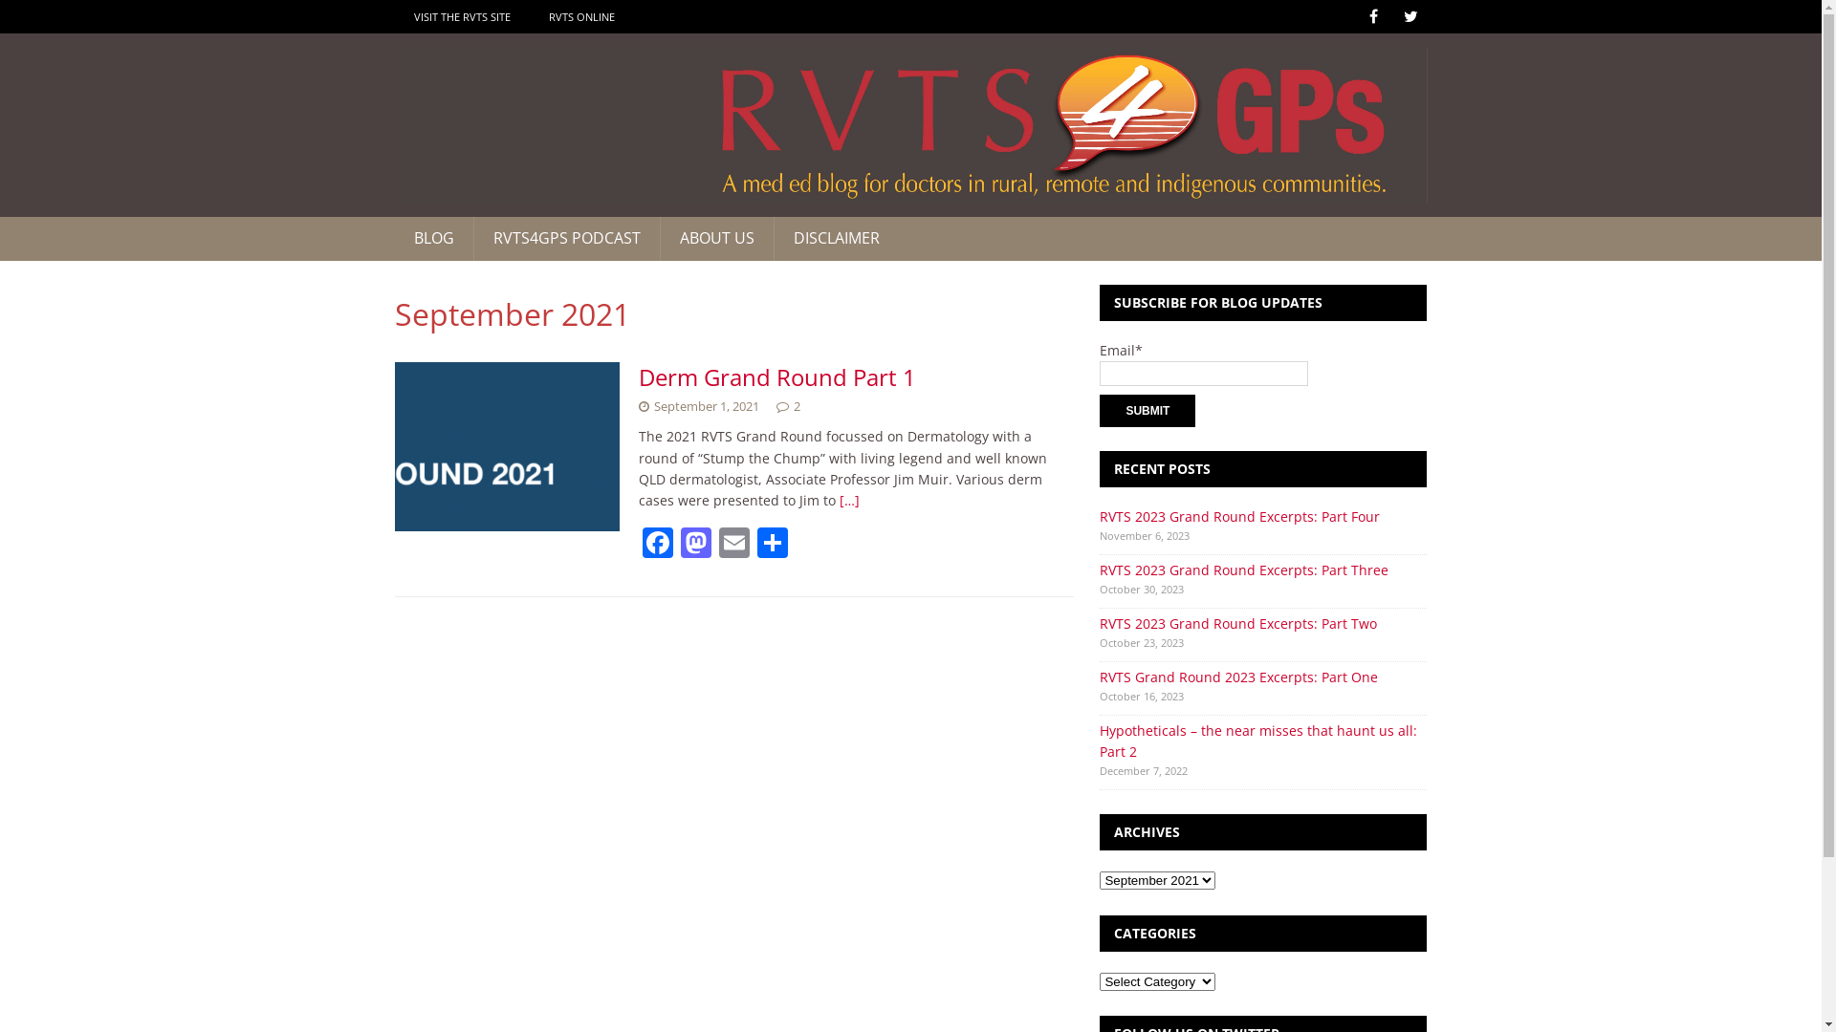 The width and height of the screenshot is (1836, 1032). I want to click on 'Email', so click(733, 545).